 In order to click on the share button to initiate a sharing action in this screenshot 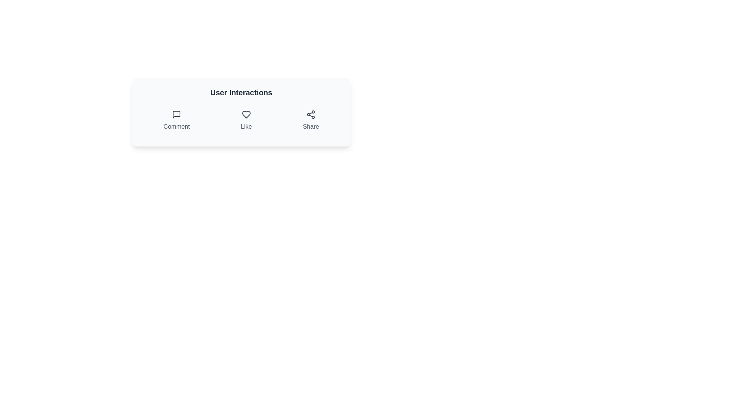, I will do `click(311, 120)`.